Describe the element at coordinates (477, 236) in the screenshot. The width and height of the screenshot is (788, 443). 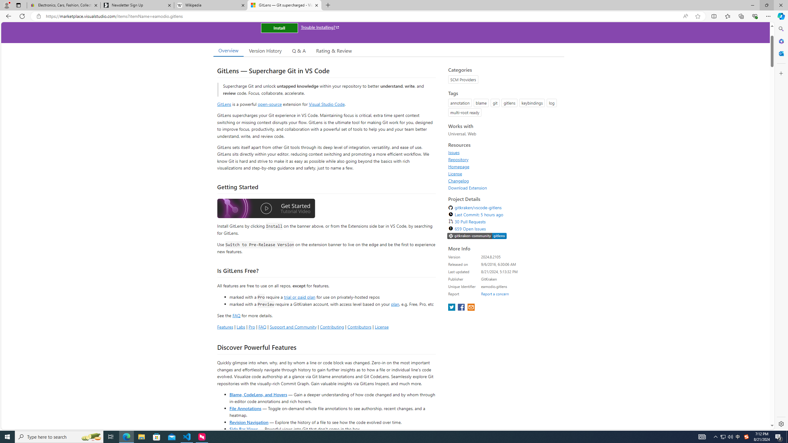
I see `'https://slack.gitkraken.com//'` at that location.